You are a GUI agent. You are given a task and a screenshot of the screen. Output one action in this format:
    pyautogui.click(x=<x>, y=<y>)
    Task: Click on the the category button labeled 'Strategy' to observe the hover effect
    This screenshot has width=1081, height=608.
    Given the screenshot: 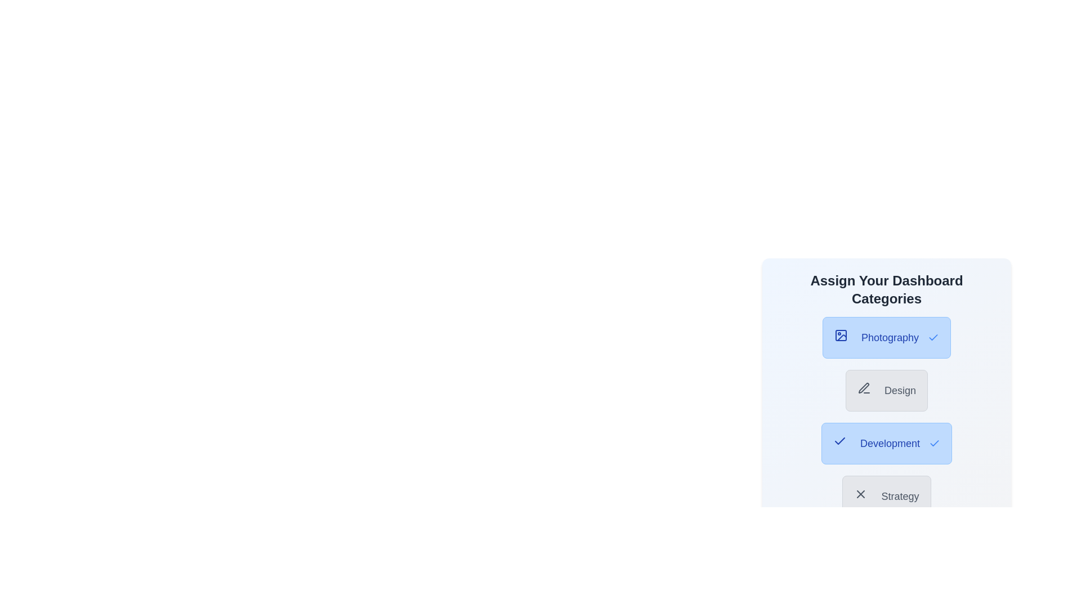 What is the action you would take?
    pyautogui.click(x=886, y=496)
    